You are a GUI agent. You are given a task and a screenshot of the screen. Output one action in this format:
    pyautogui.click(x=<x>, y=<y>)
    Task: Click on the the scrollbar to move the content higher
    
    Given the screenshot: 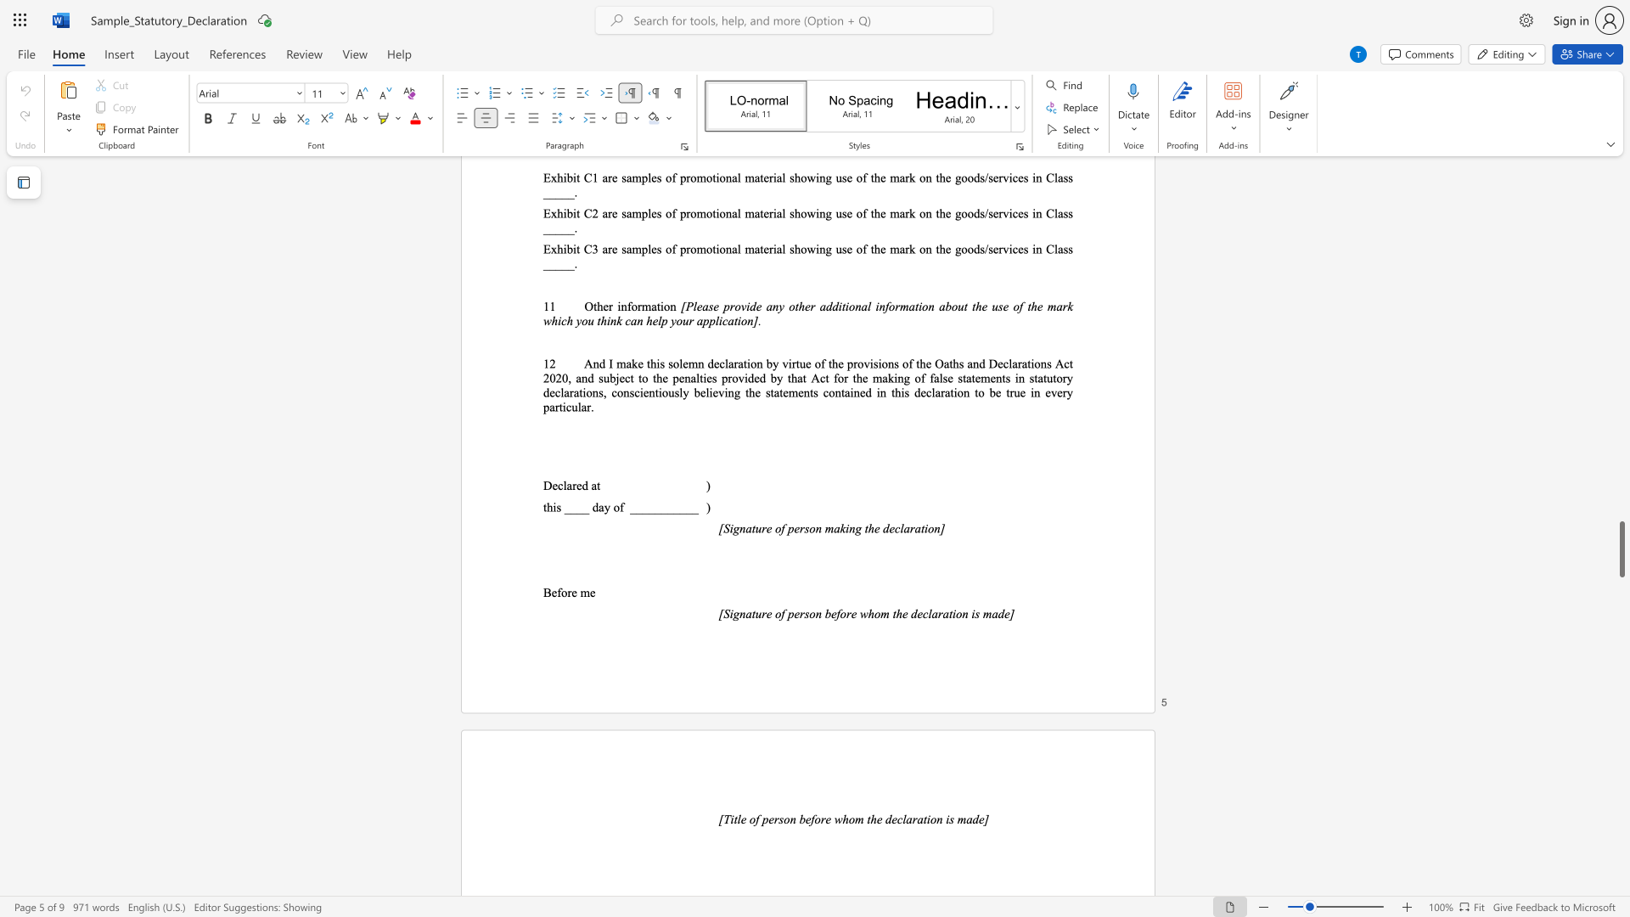 What is the action you would take?
    pyautogui.click(x=1621, y=448)
    